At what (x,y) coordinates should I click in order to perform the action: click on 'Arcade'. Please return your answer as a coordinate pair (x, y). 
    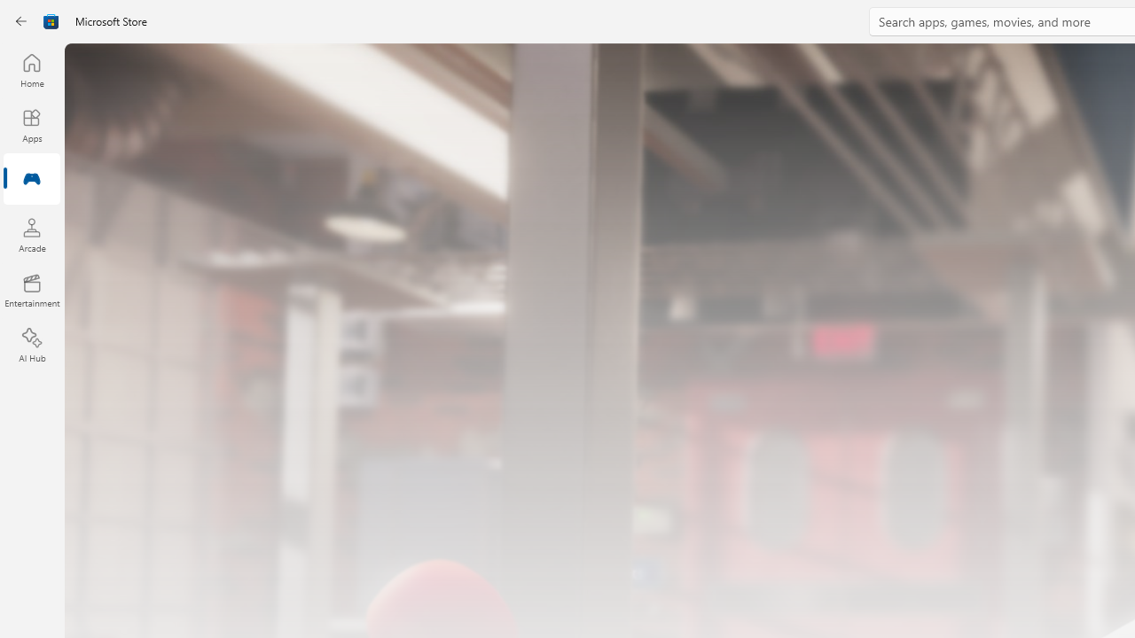
    Looking at the image, I should click on (31, 234).